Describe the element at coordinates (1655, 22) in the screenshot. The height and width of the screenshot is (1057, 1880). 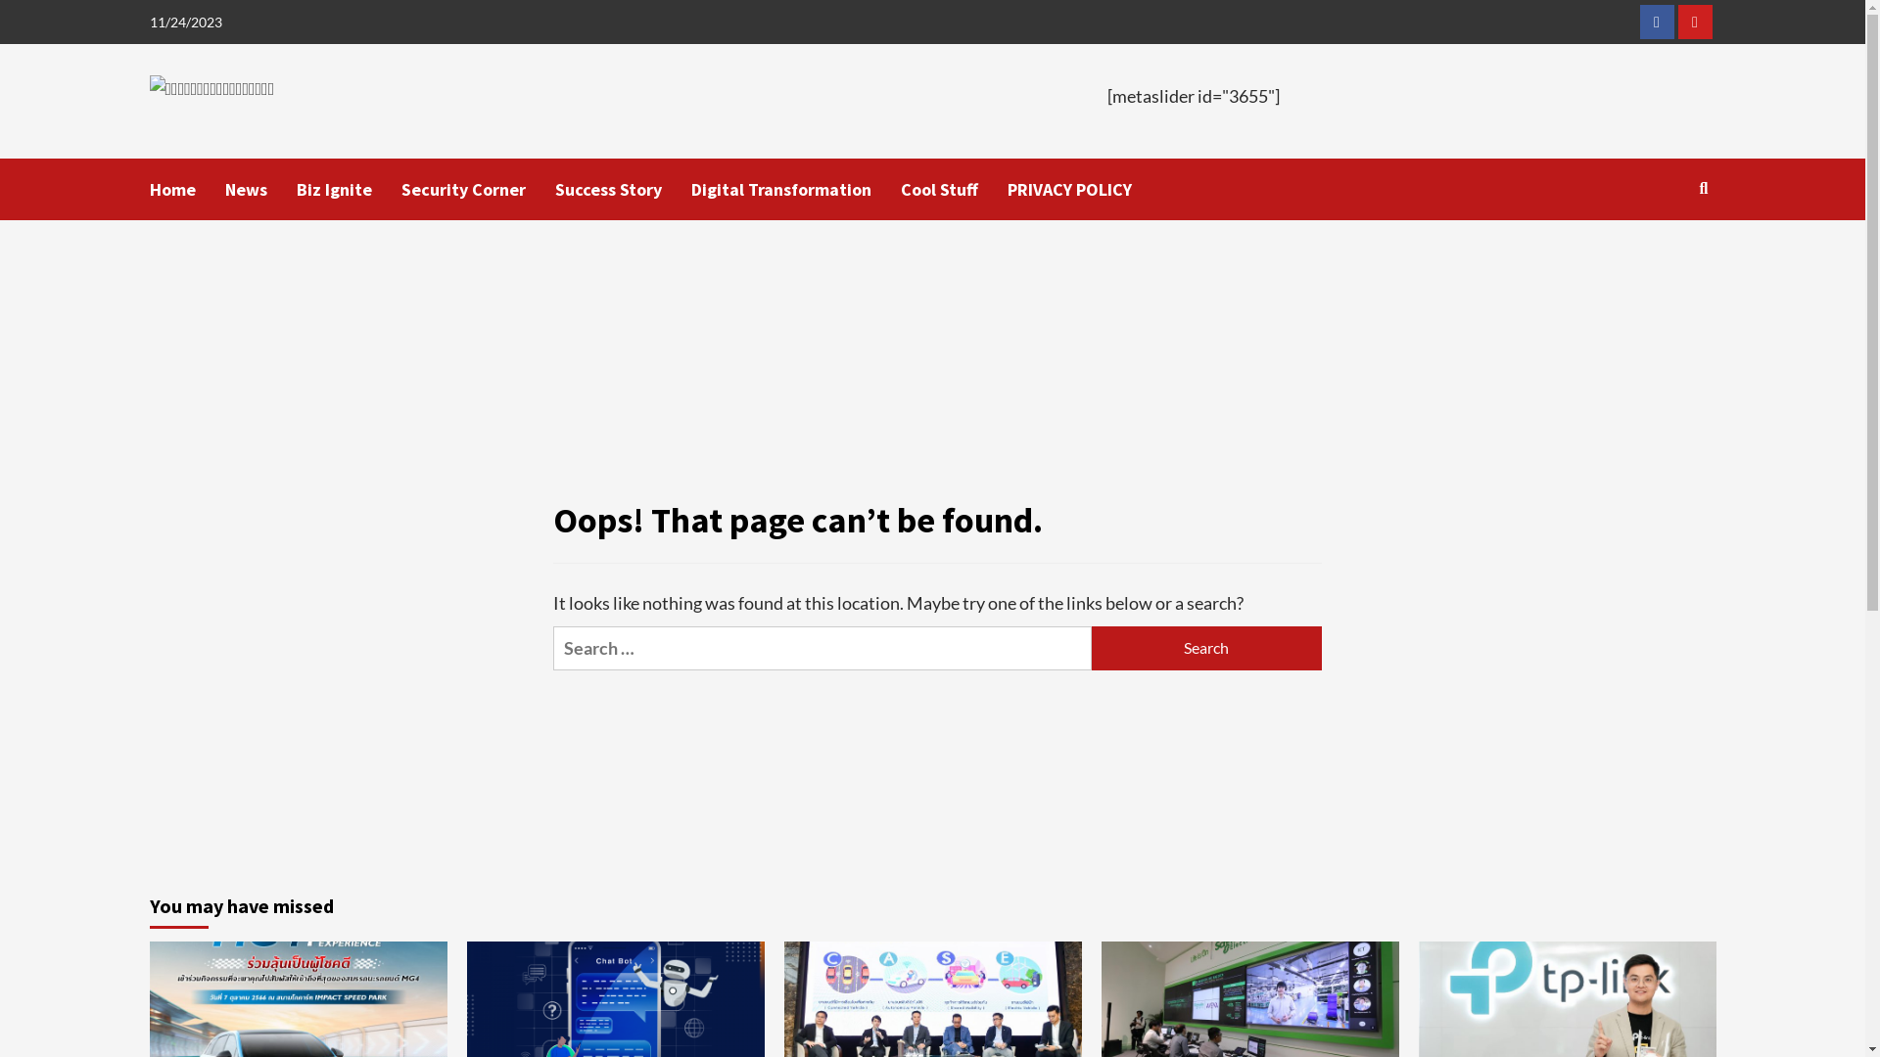
I see `'Facebook'` at that location.